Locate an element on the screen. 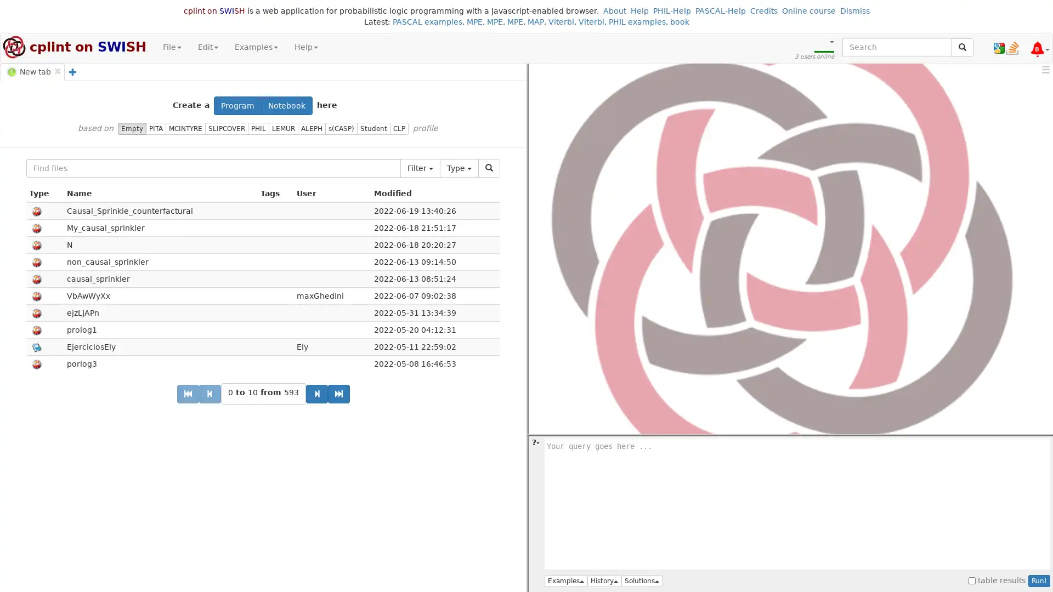  Examples is located at coordinates (566, 580).